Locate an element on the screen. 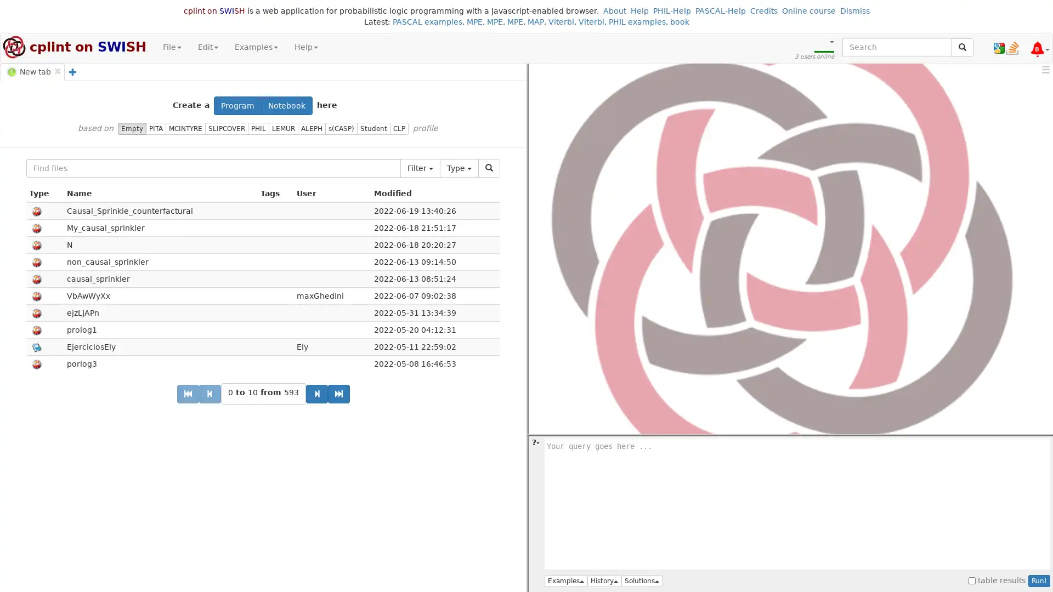  Examples is located at coordinates (566, 580).